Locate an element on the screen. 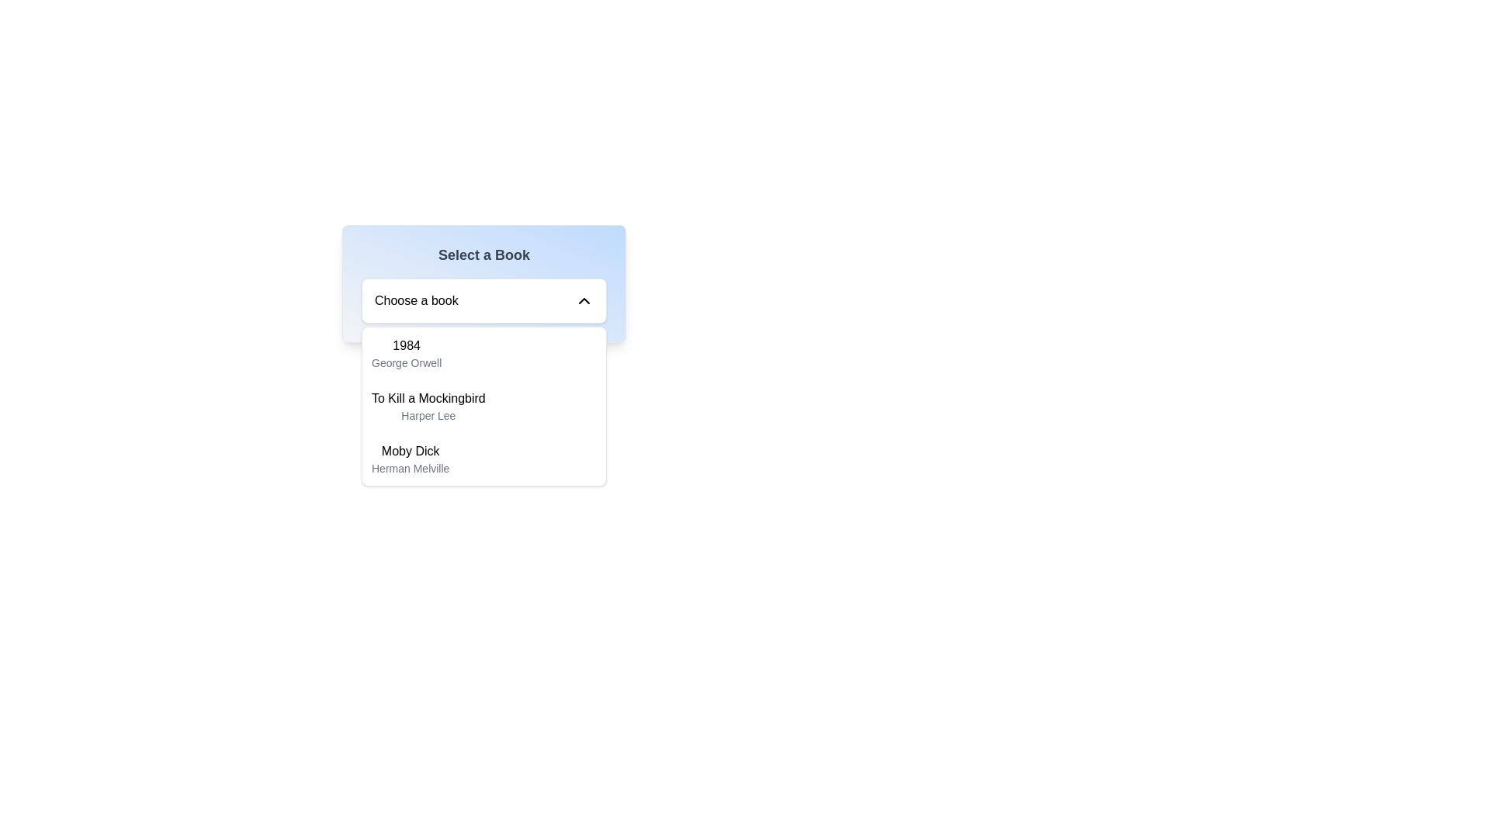 The width and height of the screenshot is (1490, 838). the dropdown menu labeled 'Choose a book' is located at coordinates (483, 301).